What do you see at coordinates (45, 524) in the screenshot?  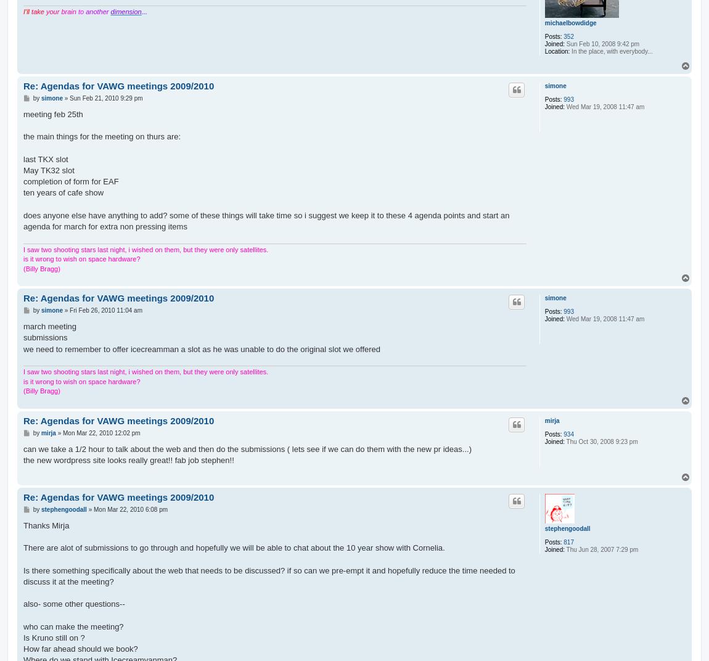 I see `'Thanks Mirja'` at bounding box center [45, 524].